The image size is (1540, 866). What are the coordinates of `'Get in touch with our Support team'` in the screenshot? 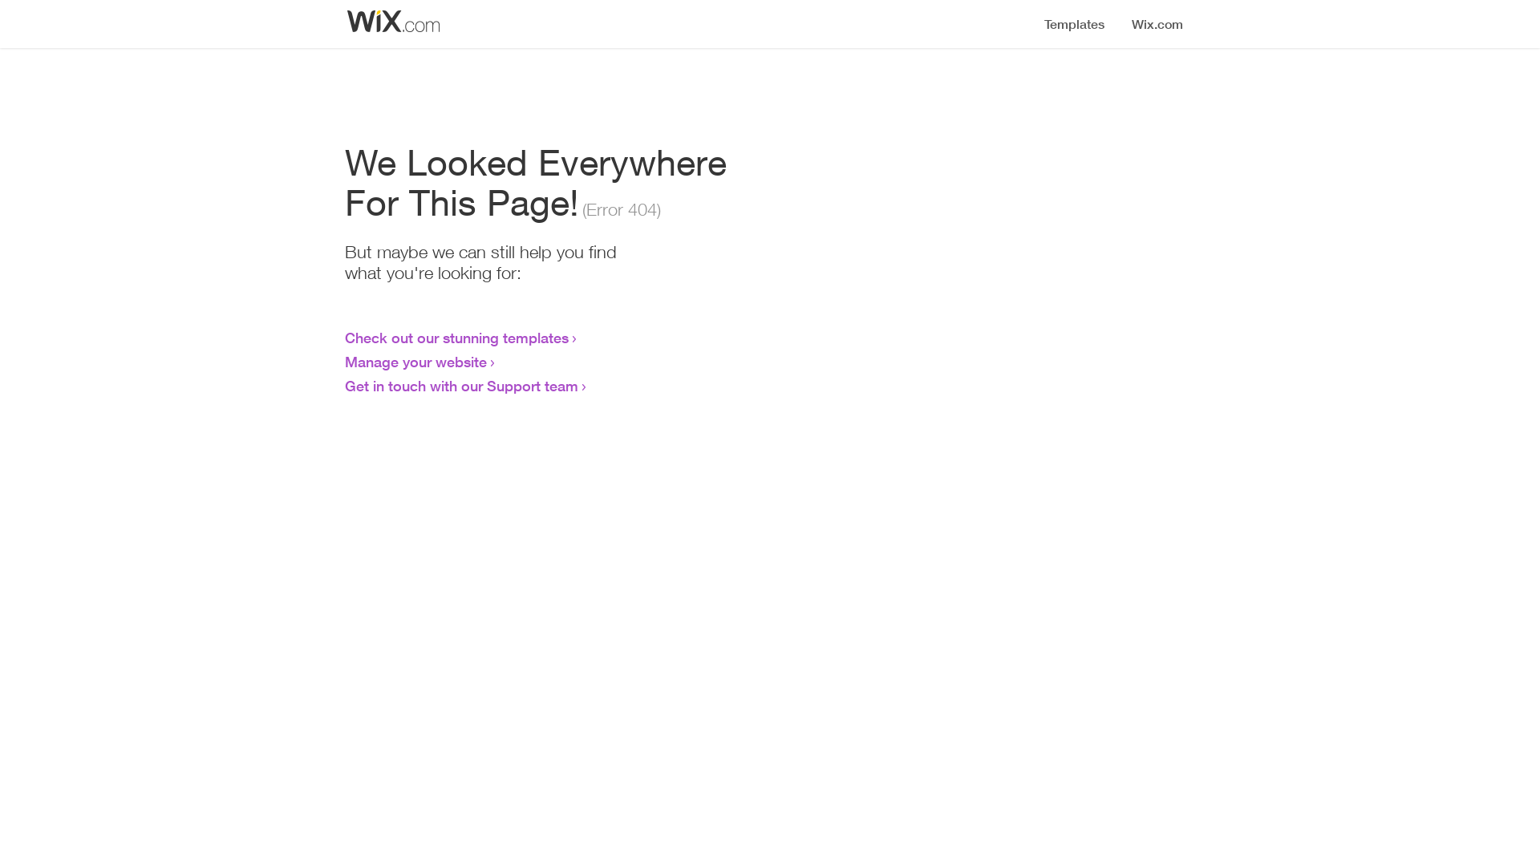 It's located at (344, 386).